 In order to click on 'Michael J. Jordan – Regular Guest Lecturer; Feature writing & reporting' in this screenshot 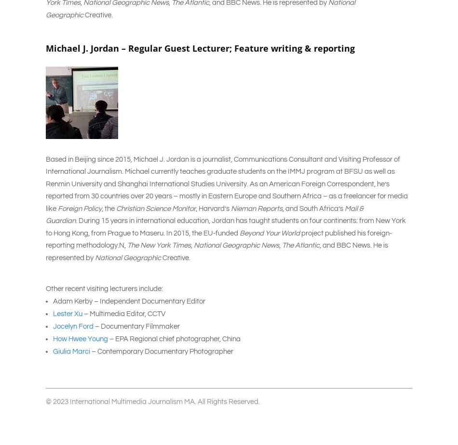, I will do `click(200, 48)`.